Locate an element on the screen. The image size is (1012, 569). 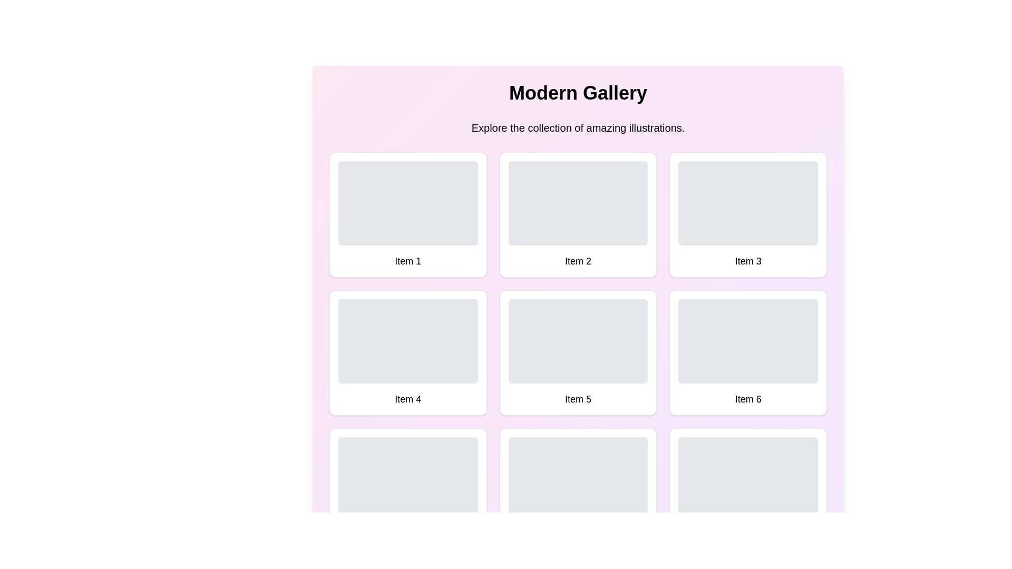
the descriptive title label for the 'Item 5' card, which is located in the middle column of the second row of a grid layout, positioned below a placeholder image is located at coordinates (577, 399).